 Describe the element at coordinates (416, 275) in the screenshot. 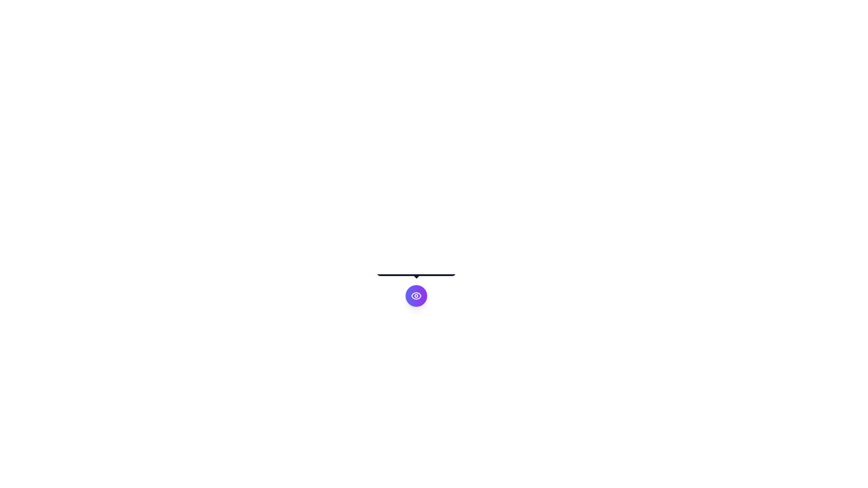

I see `the Tooltip pointer, which visually connects the tooltip containing the text 'Press ⌘/` at that location.